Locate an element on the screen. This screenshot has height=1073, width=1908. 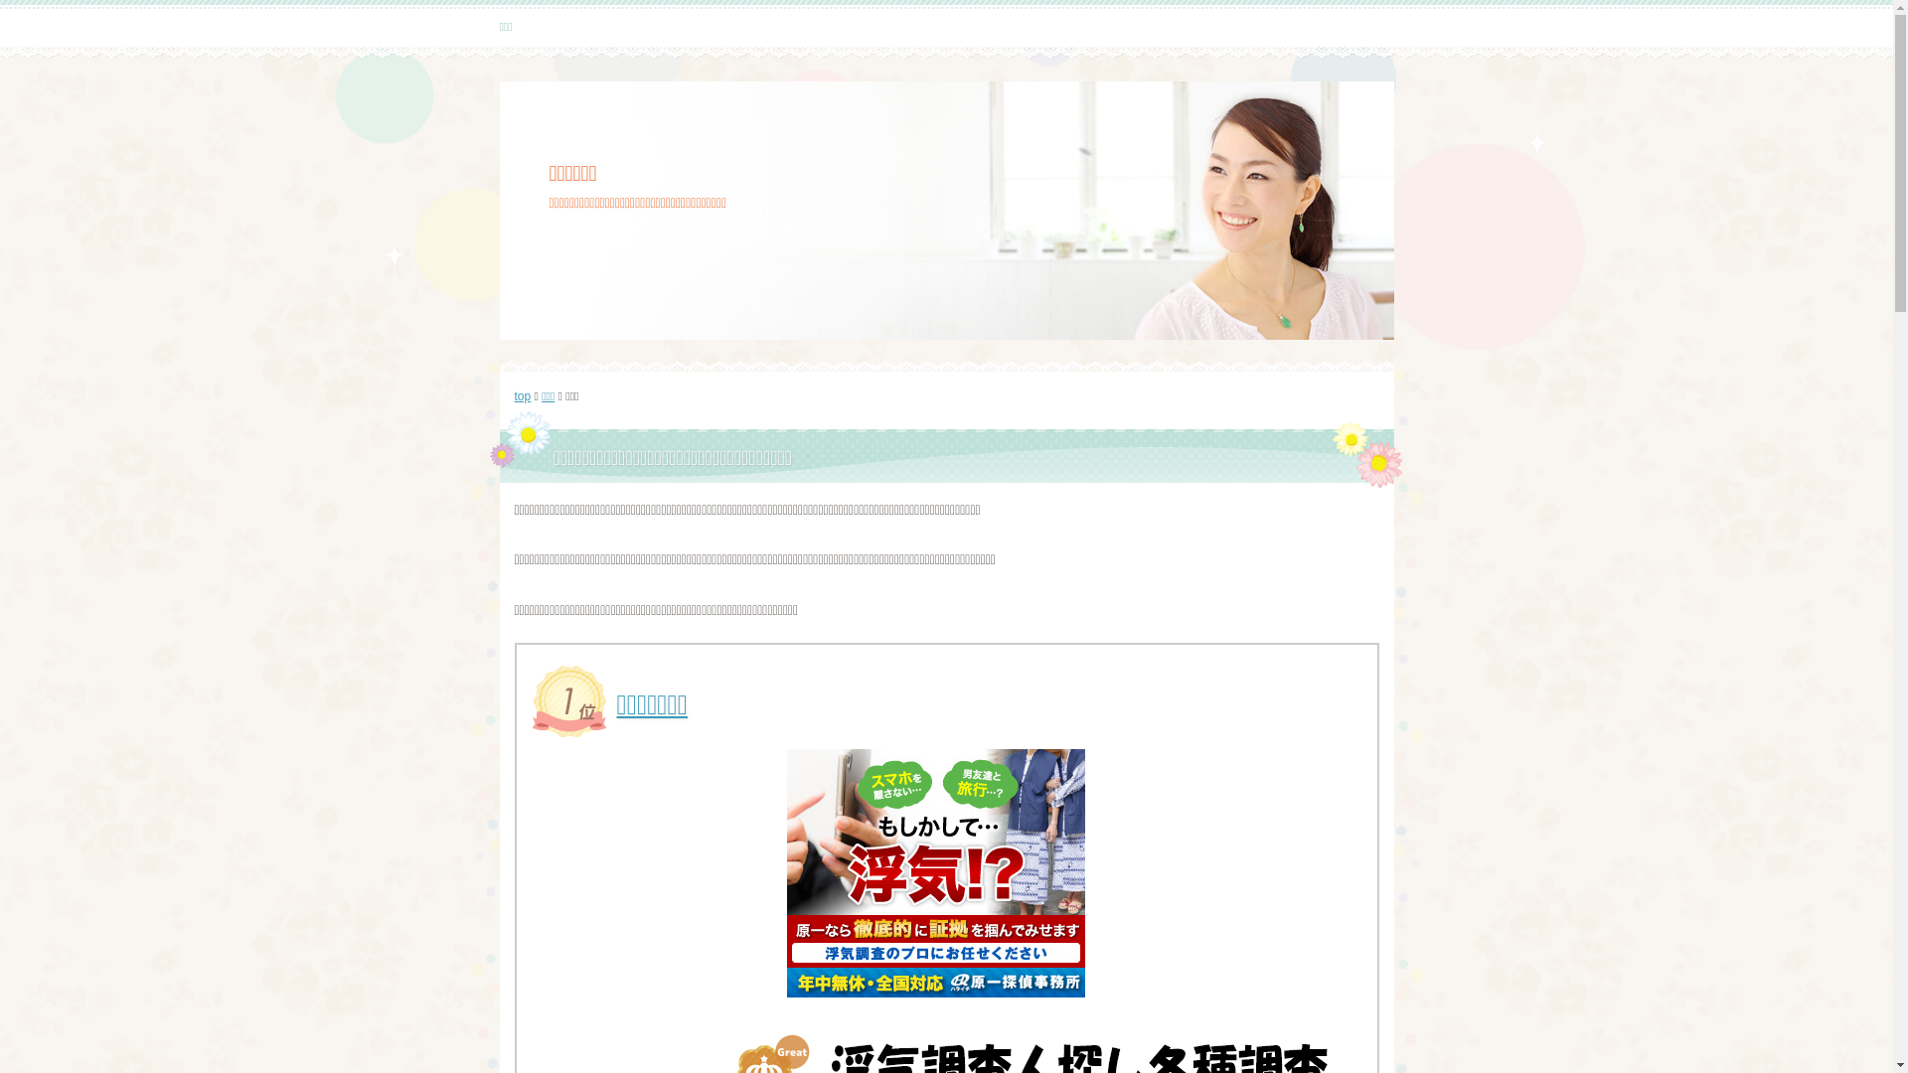
'top' is located at coordinates (515, 395).